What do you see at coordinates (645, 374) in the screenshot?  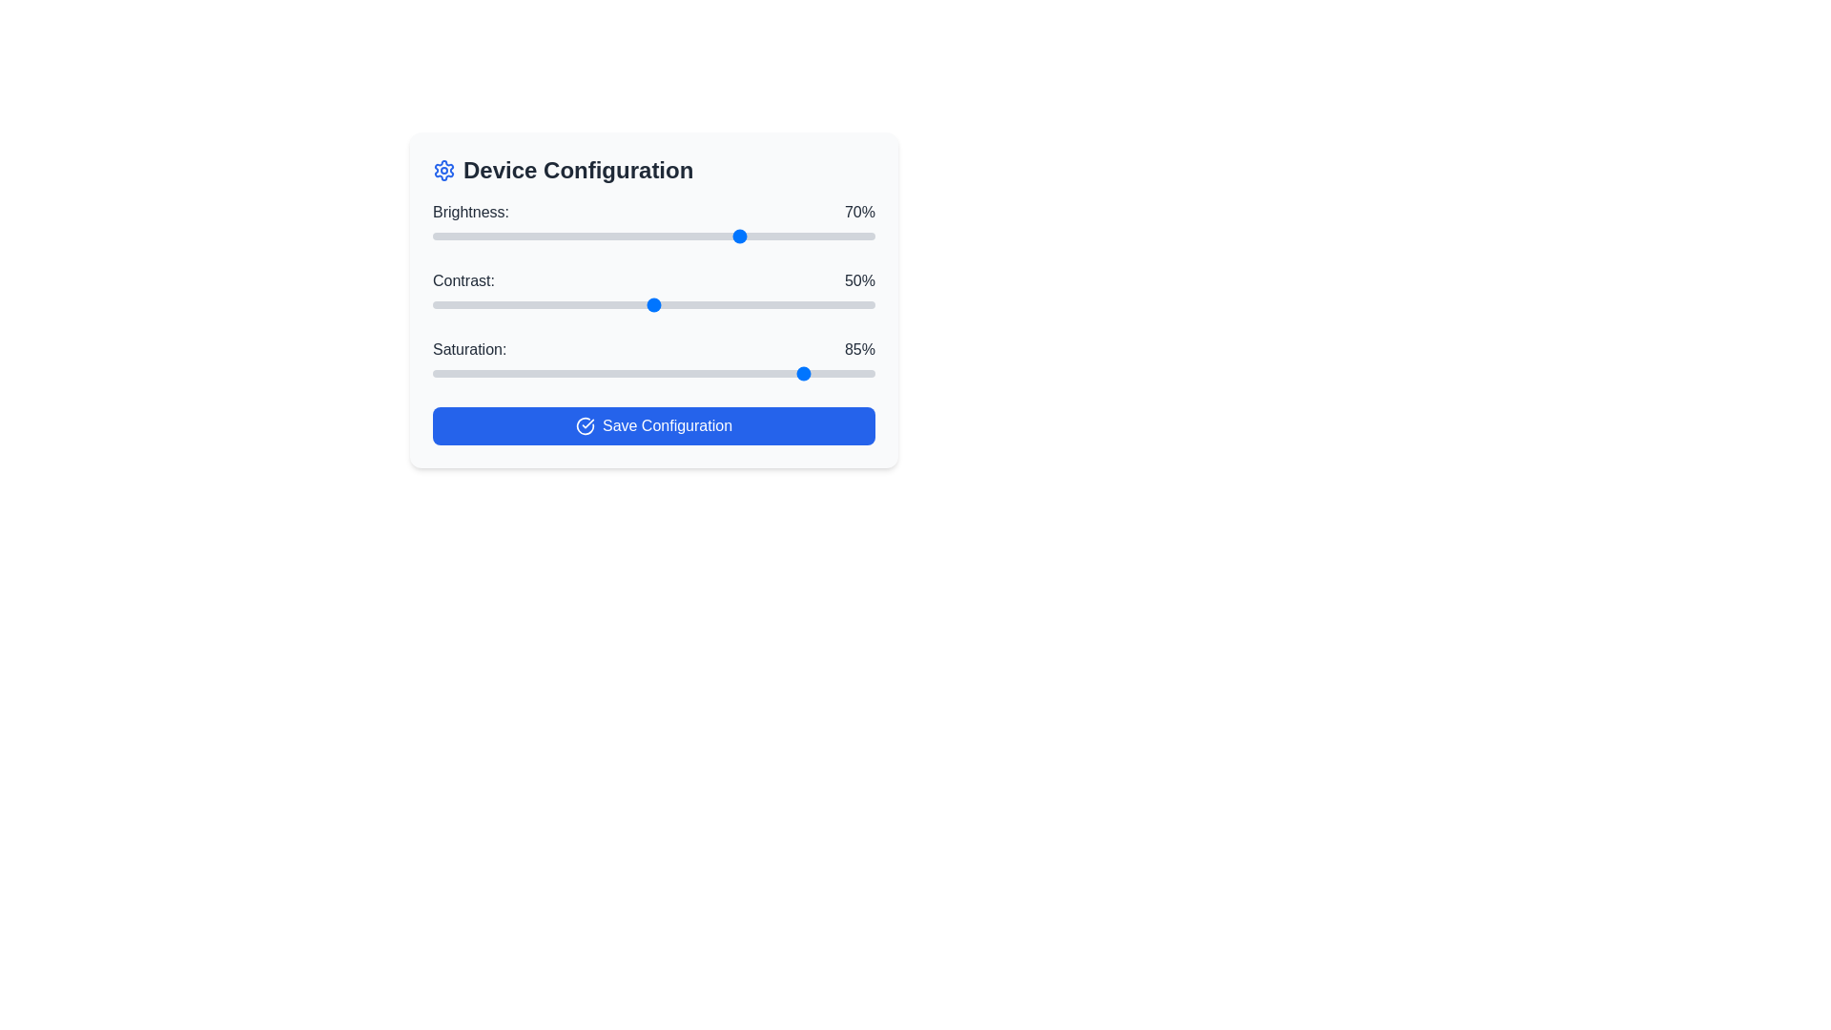 I see `saturation` at bounding box center [645, 374].